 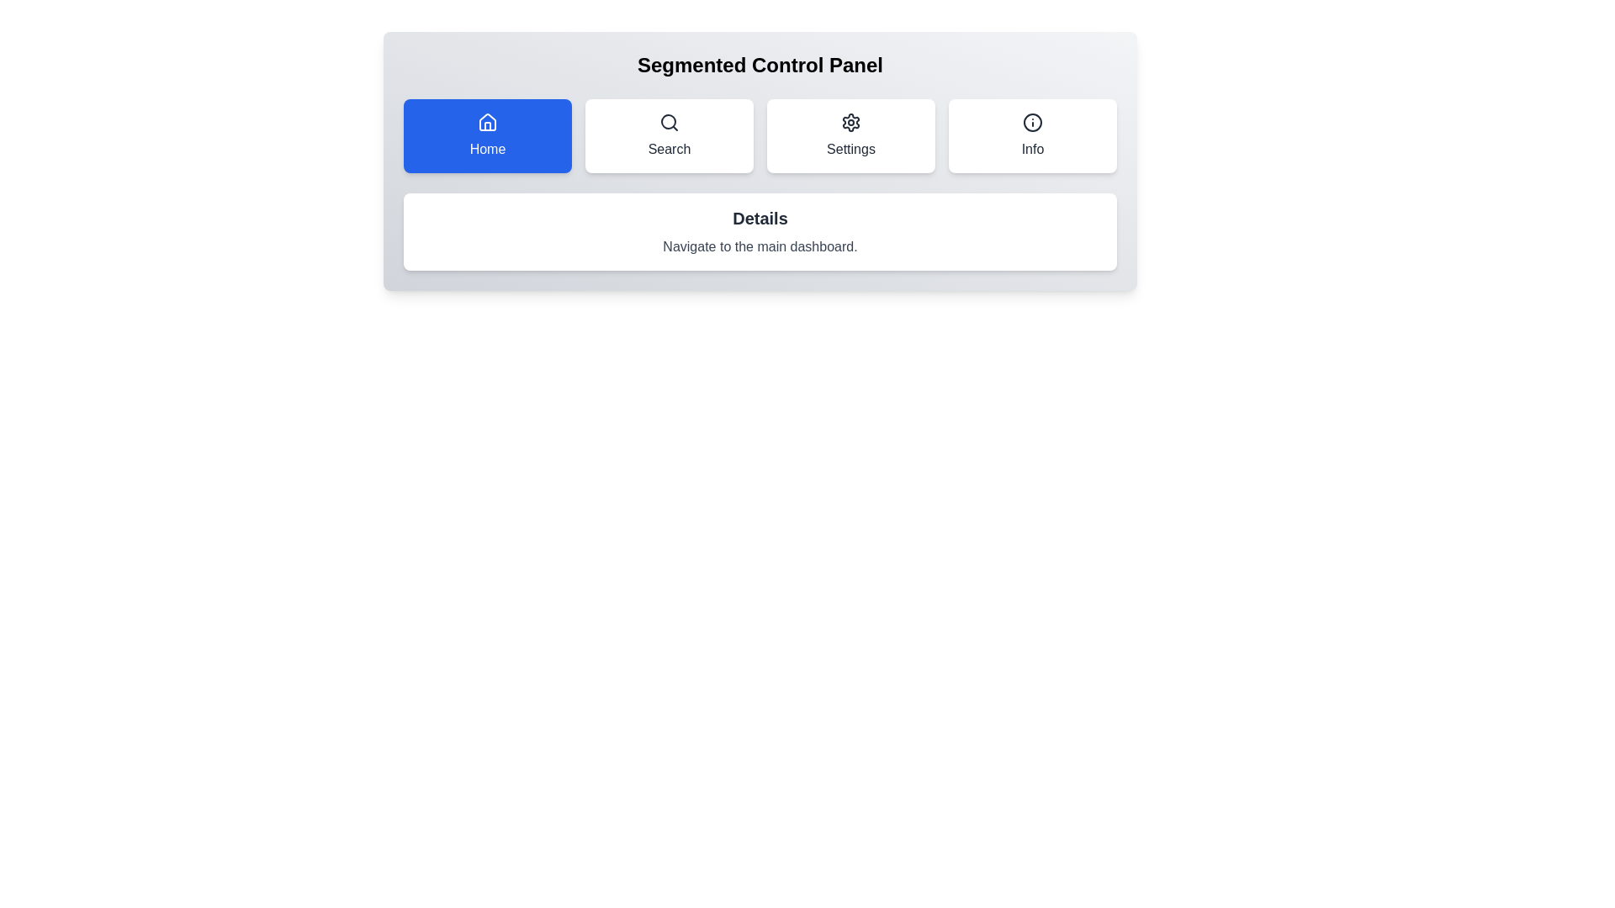 I want to click on the house icon located in the 'Home' button of the segmented control panel, which is colored white on a blue background, so click(x=487, y=121).